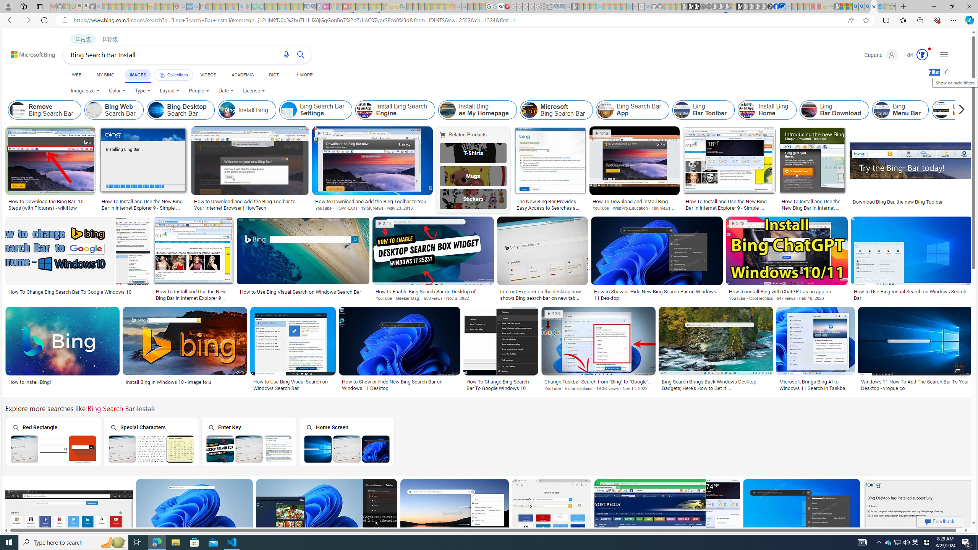  I want to click on 'Layout', so click(170, 91).